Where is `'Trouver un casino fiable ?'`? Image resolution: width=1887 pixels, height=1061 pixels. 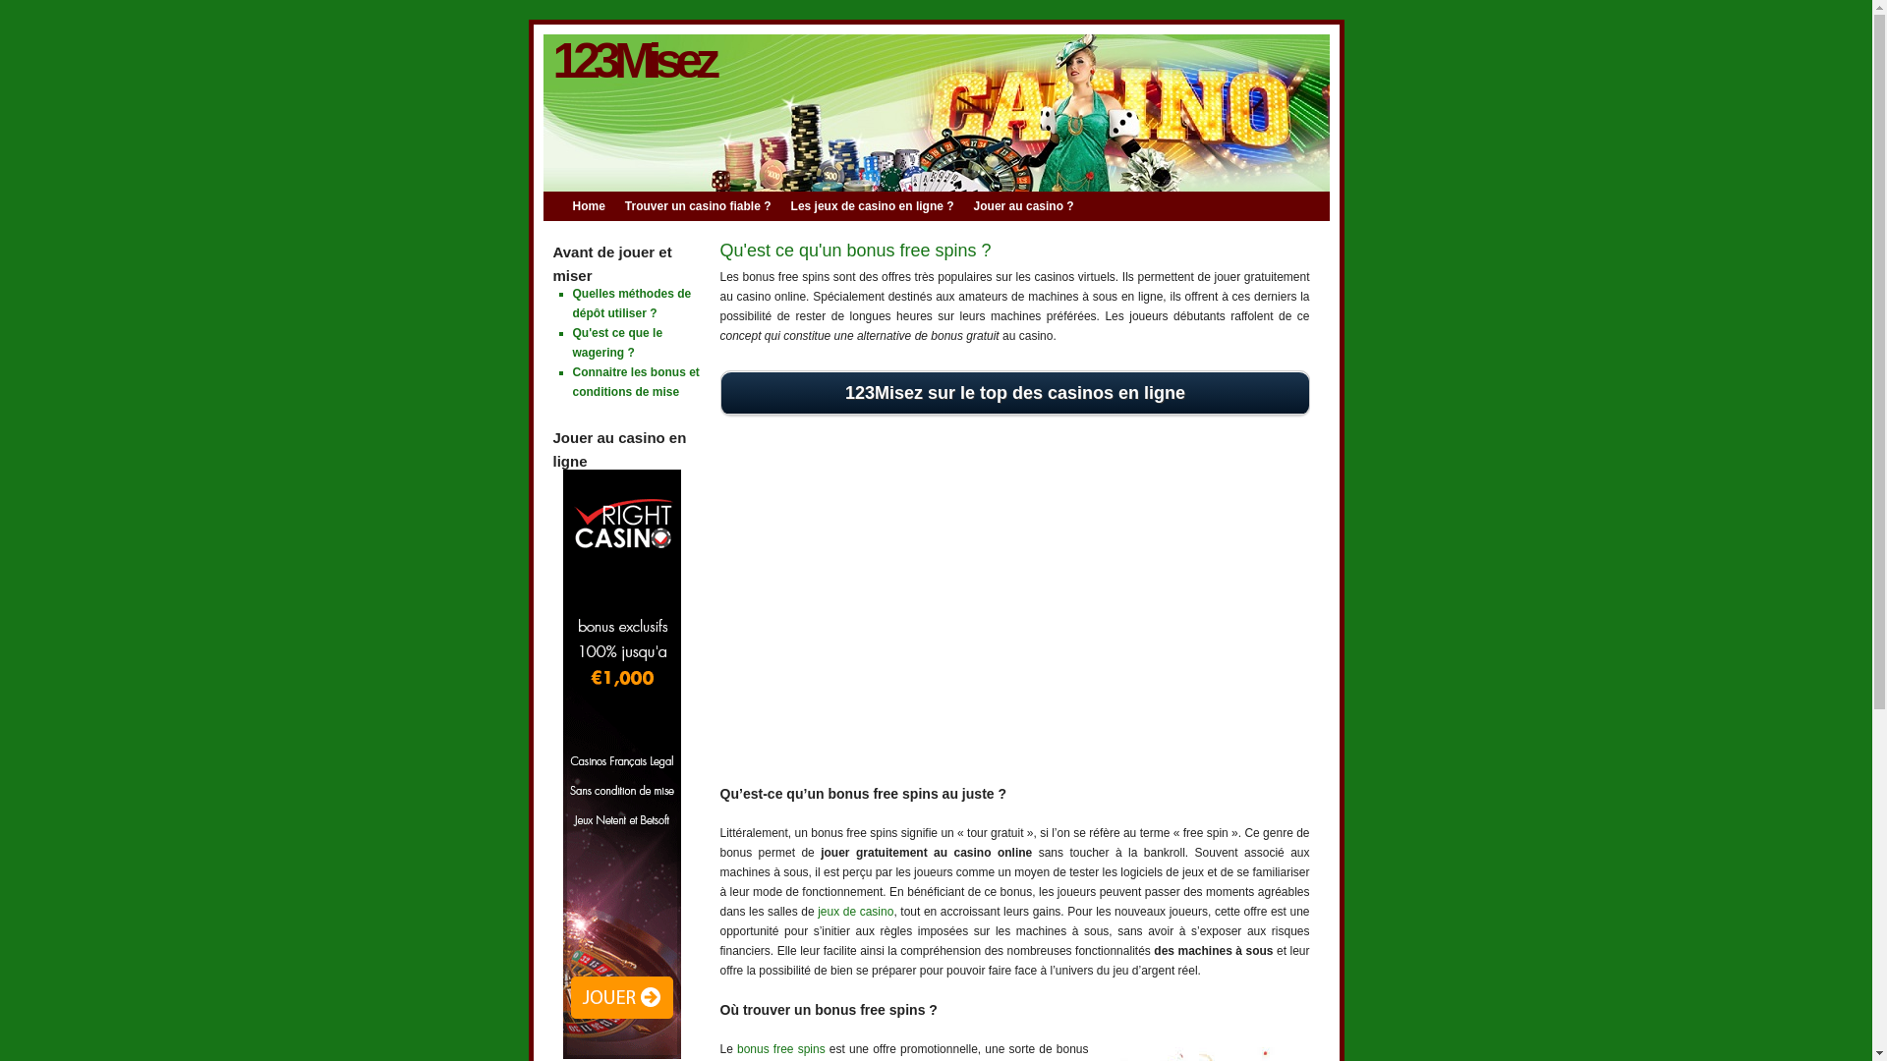 'Trouver un casino fiable ?' is located at coordinates (708, 205).